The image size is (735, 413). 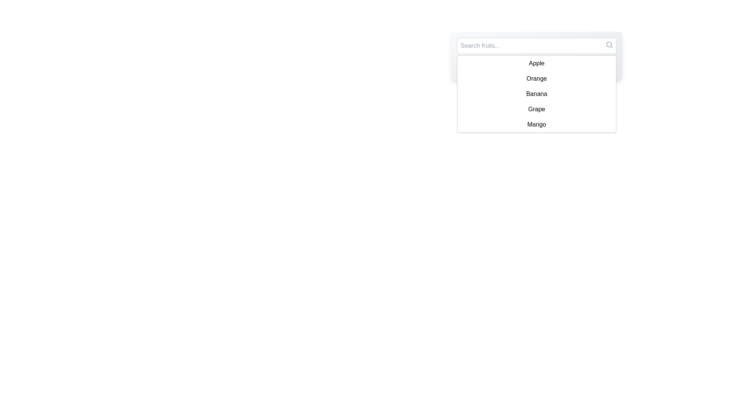 I want to click on the search indicator icon located in the top-right corner of the text input field, so click(x=609, y=44).